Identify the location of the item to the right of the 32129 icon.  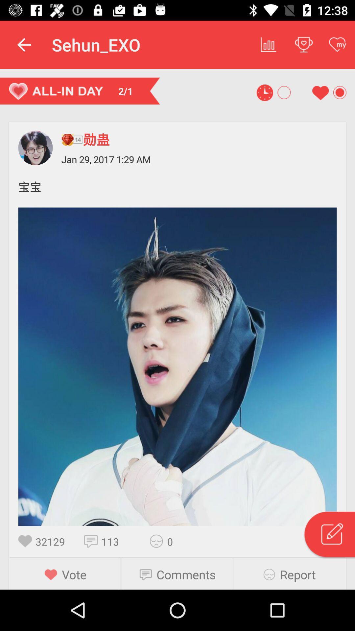
(92, 541).